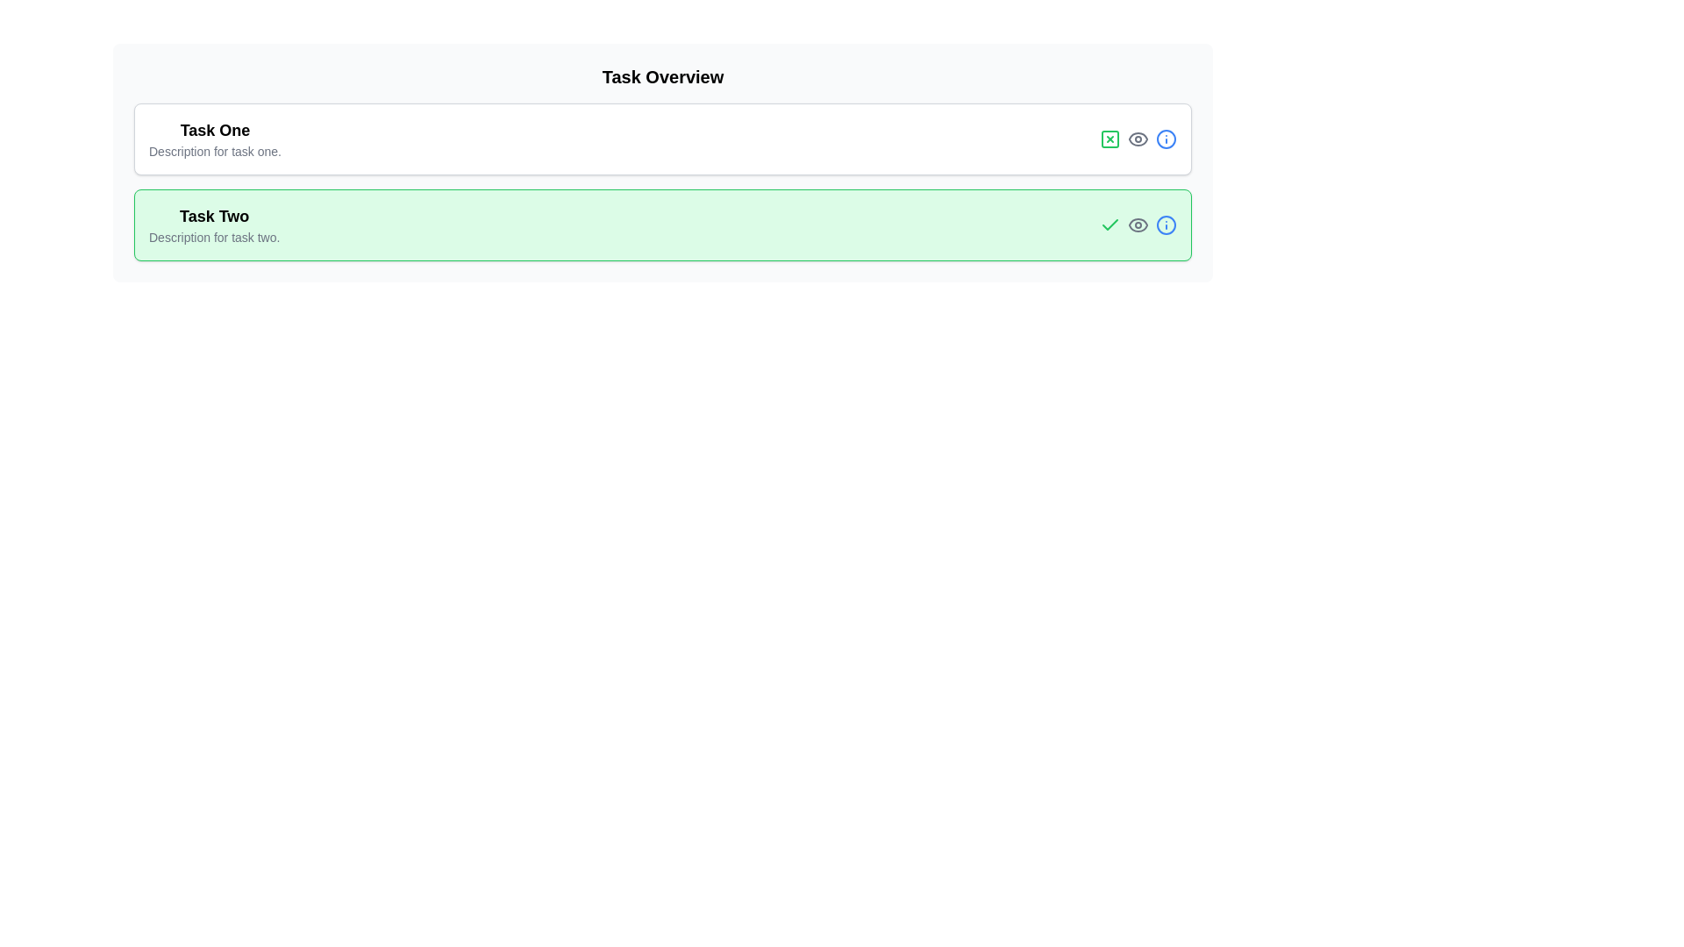  I want to click on the circular graphical component within the second task card, located next to the 'information' icon, so click(1166, 138).